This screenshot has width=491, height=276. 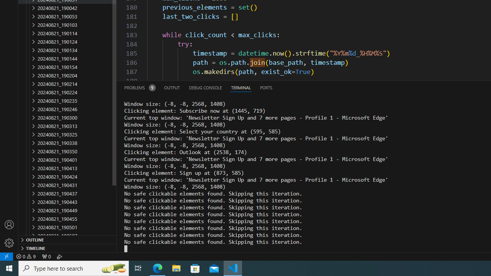 I want to click on 'Accounts', so click(x=9, y=224).